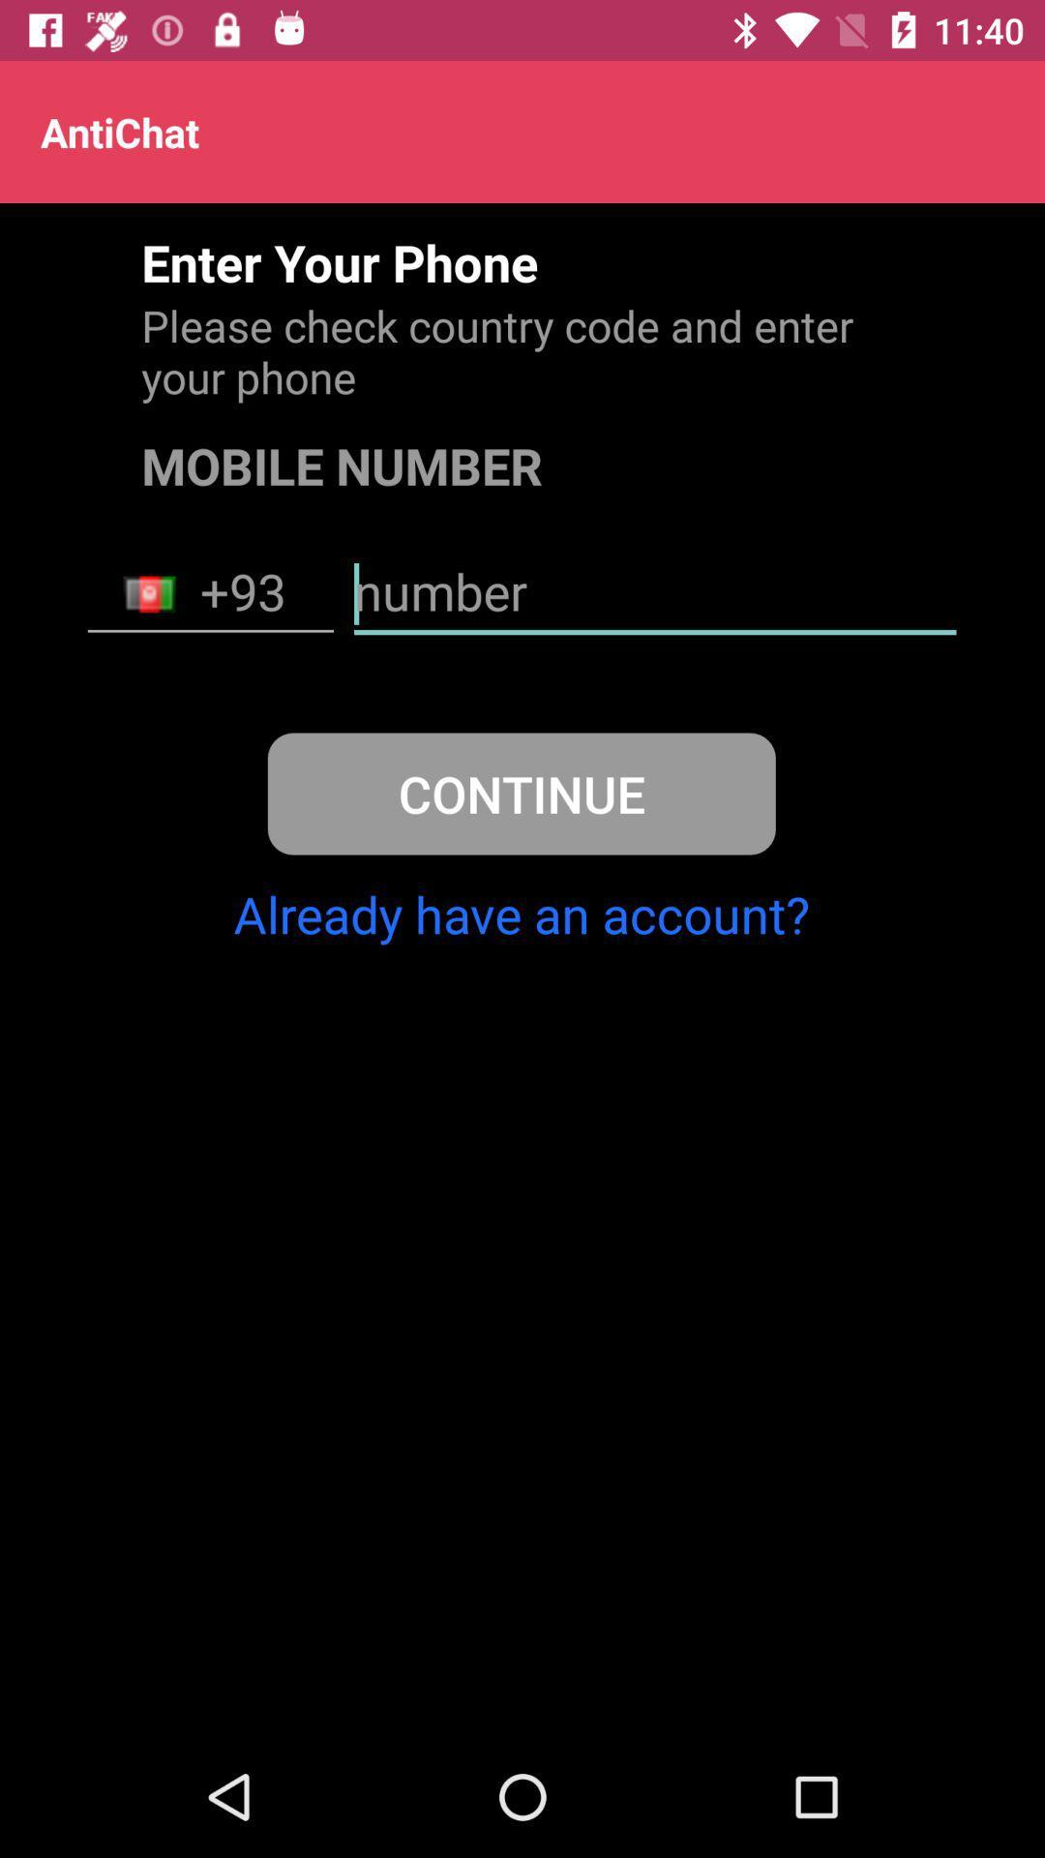 The image size is (1045, 1858). What do you see at coordinates (654, 593) in the screenshot?
I see `icon below the mobile number item` at bounding box center [654, 593].